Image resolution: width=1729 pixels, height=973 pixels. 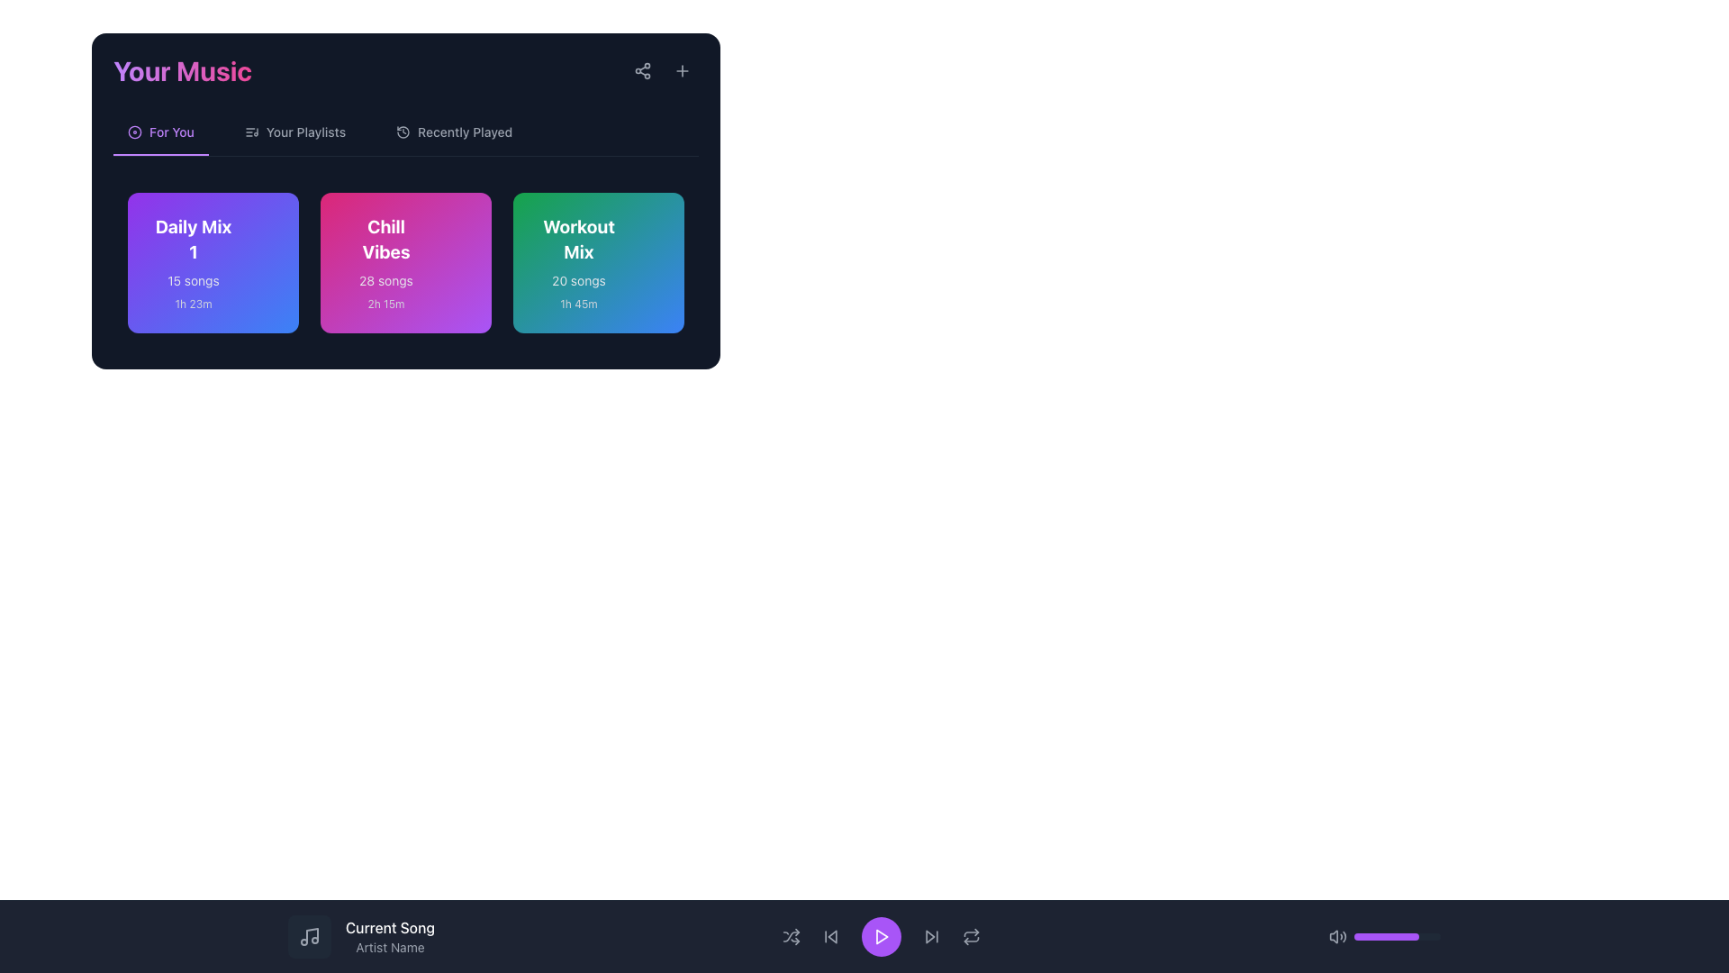 I want to click on the text element 'Workout Mix' which is styled in bold white font and centered within a gradient card from its current location, so click(x=579, y=239).